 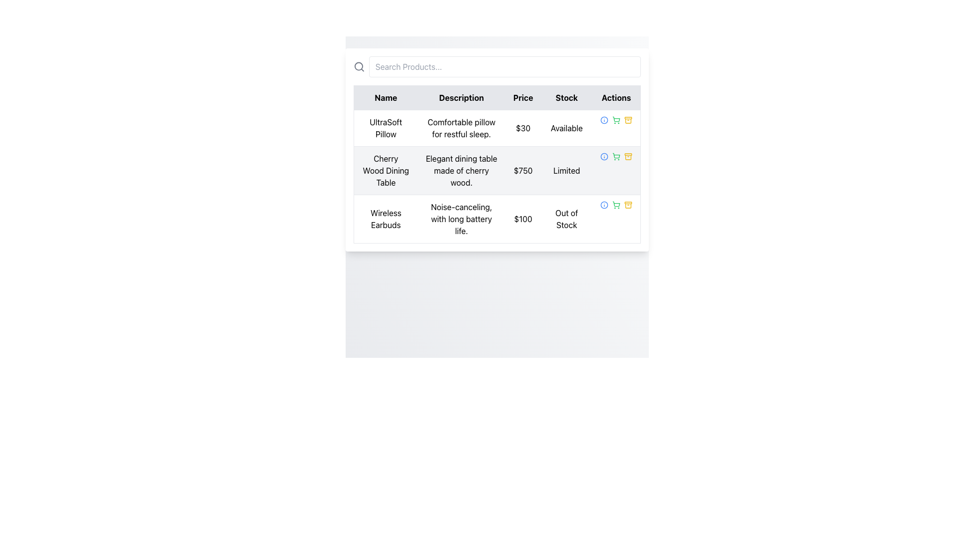 I want to click on the 'Add to Cart' button for the 'UltraSoft Pillow' item to trigger the hover effect, so click(x=615, y=119).